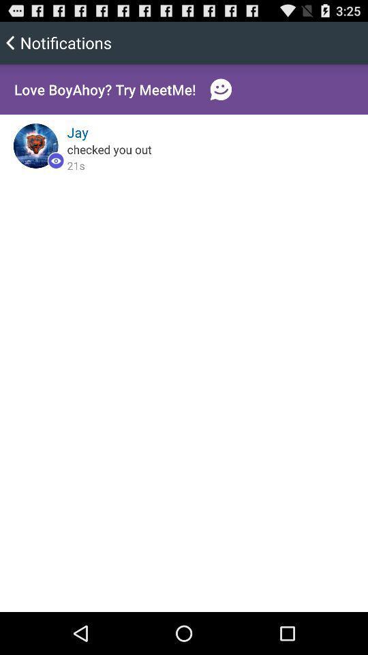 This screenshot has width=368, height=655. I want to click on the jay item, so click(78, 132).